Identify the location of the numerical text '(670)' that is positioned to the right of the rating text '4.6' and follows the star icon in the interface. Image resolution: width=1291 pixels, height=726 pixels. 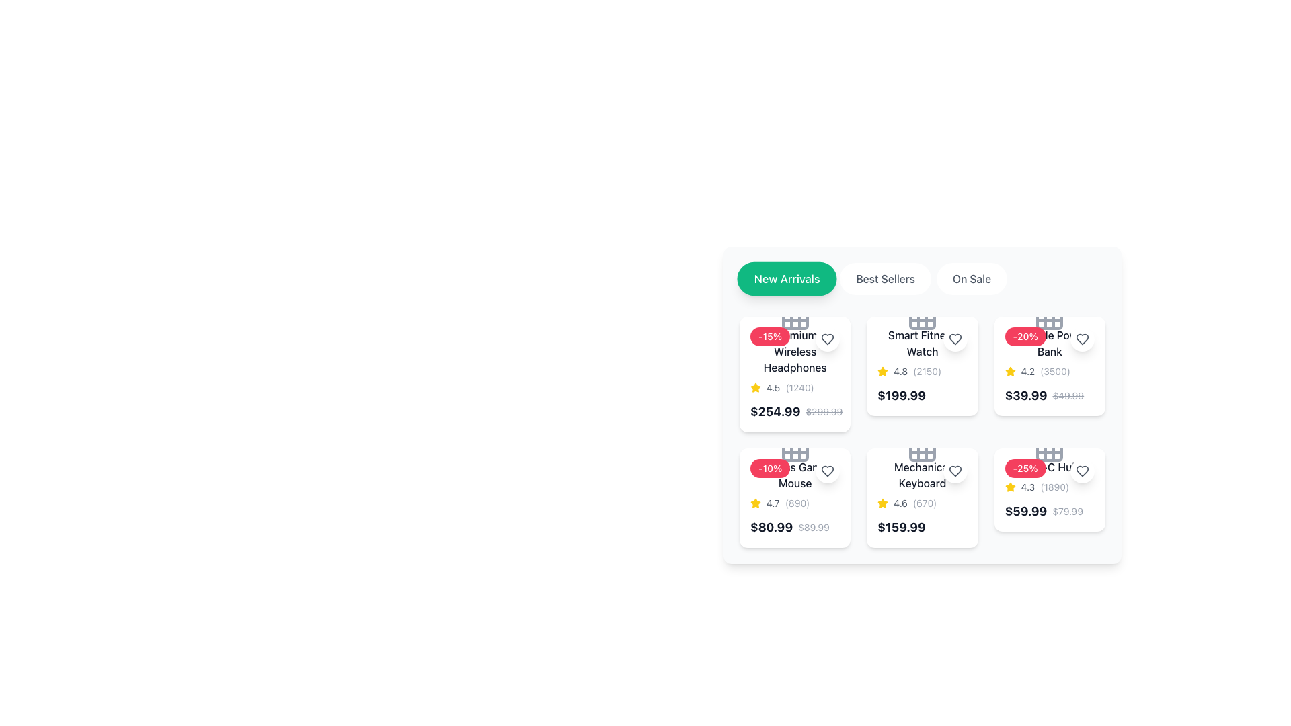
(924, 503).